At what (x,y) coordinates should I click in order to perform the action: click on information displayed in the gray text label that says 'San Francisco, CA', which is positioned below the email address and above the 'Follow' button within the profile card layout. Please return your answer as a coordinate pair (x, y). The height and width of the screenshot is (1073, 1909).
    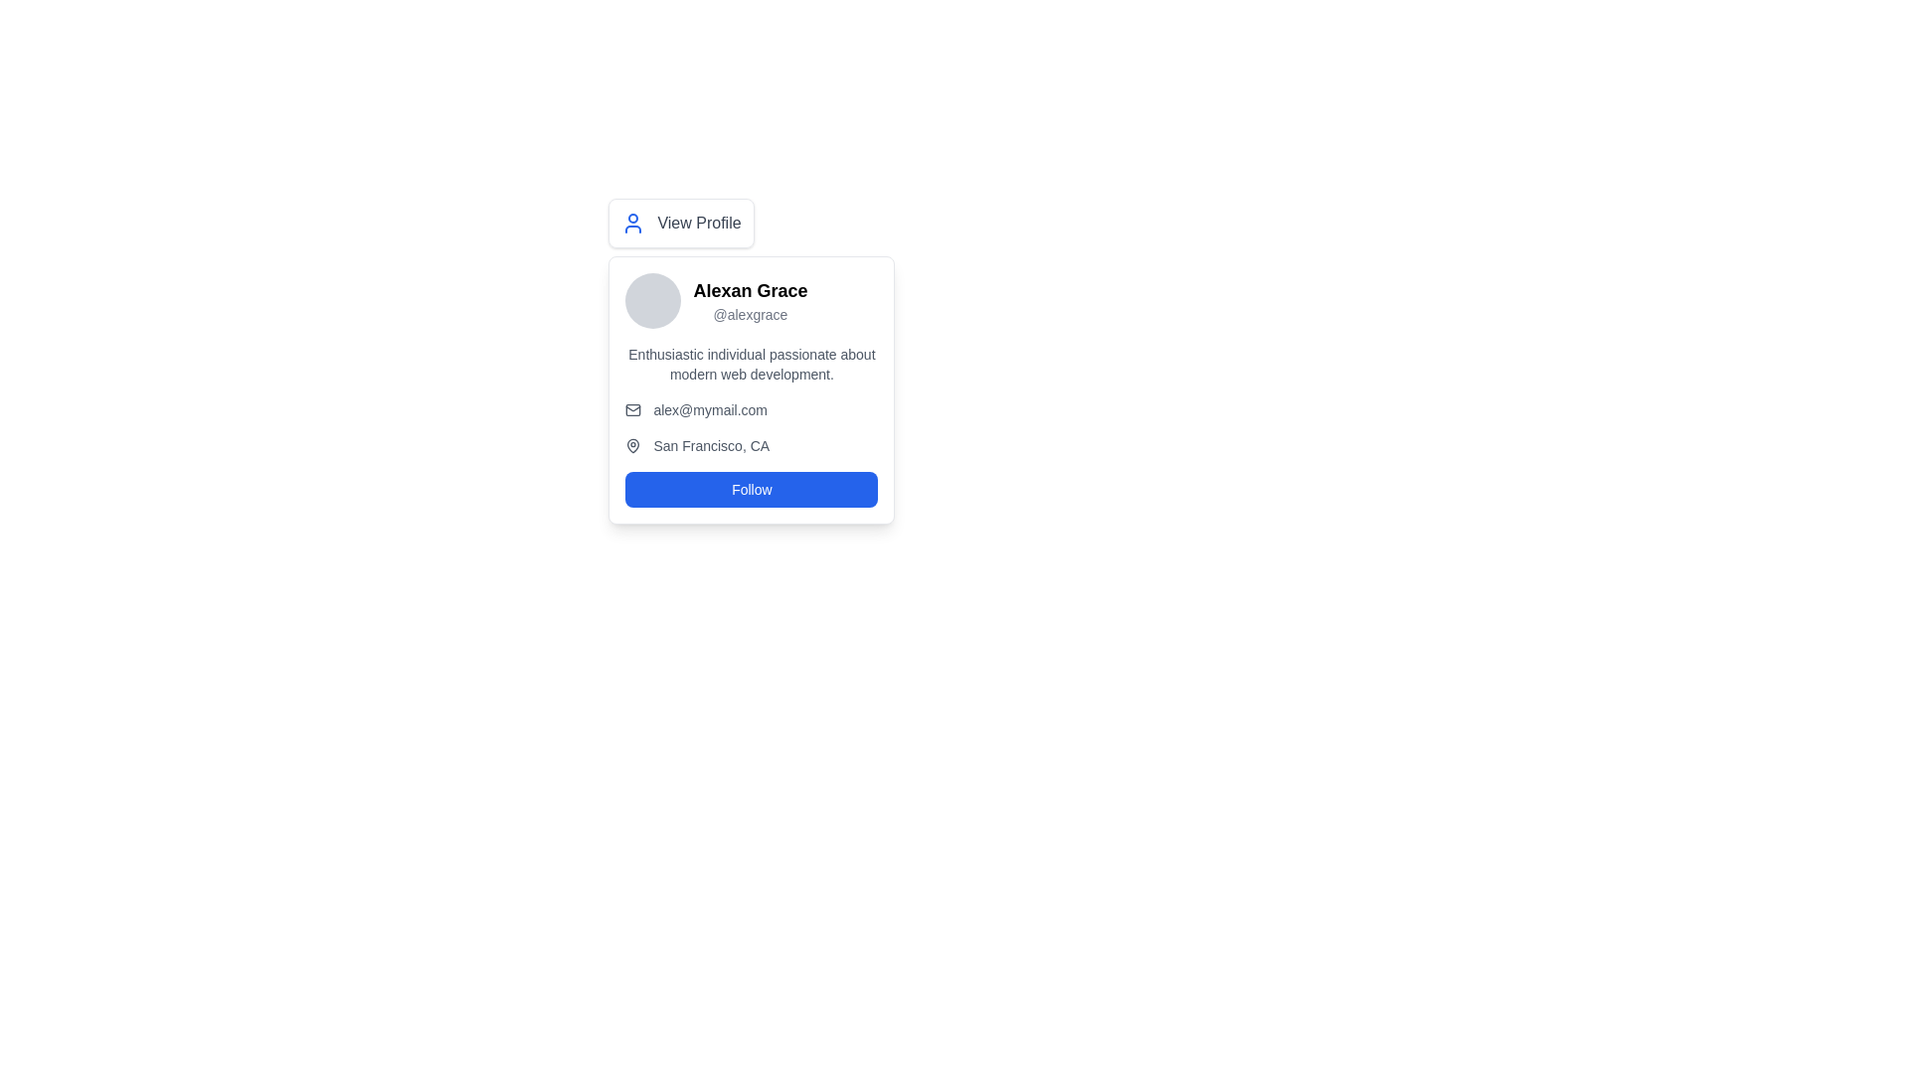
    Looking at the image, I should click on (711, 444).